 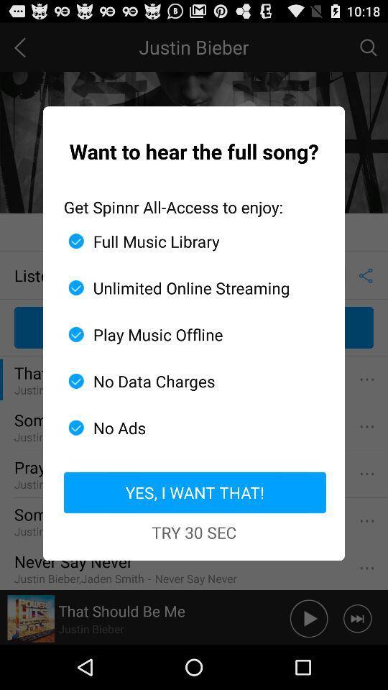 What do you see at coordinates (188, 287) in the screenshot?
I see `the unlimited online streaming` at bounding box center [188, 287].